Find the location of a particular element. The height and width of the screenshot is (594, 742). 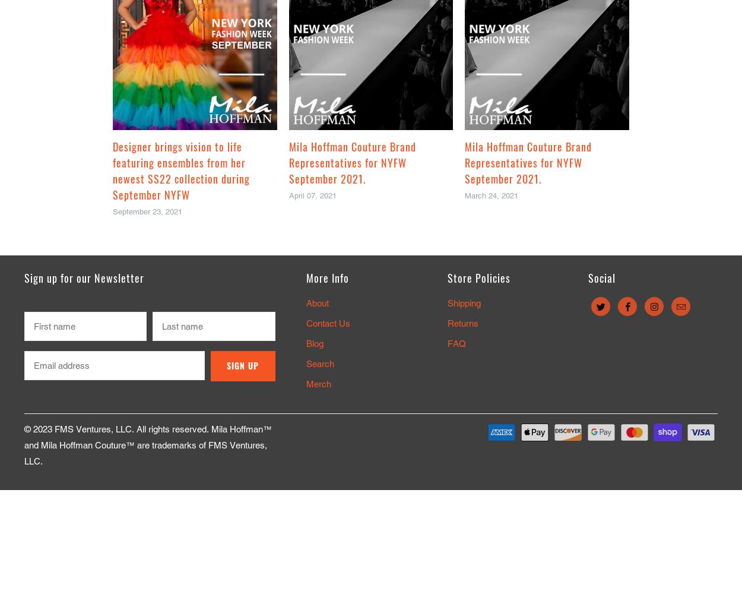

'September 23, 2021' is located at coordinates (112, 211).